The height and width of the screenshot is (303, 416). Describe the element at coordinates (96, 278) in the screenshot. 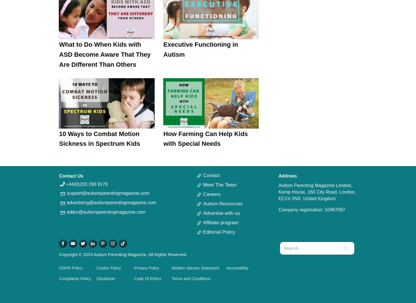

I see `'Disclaimer'` at that location.